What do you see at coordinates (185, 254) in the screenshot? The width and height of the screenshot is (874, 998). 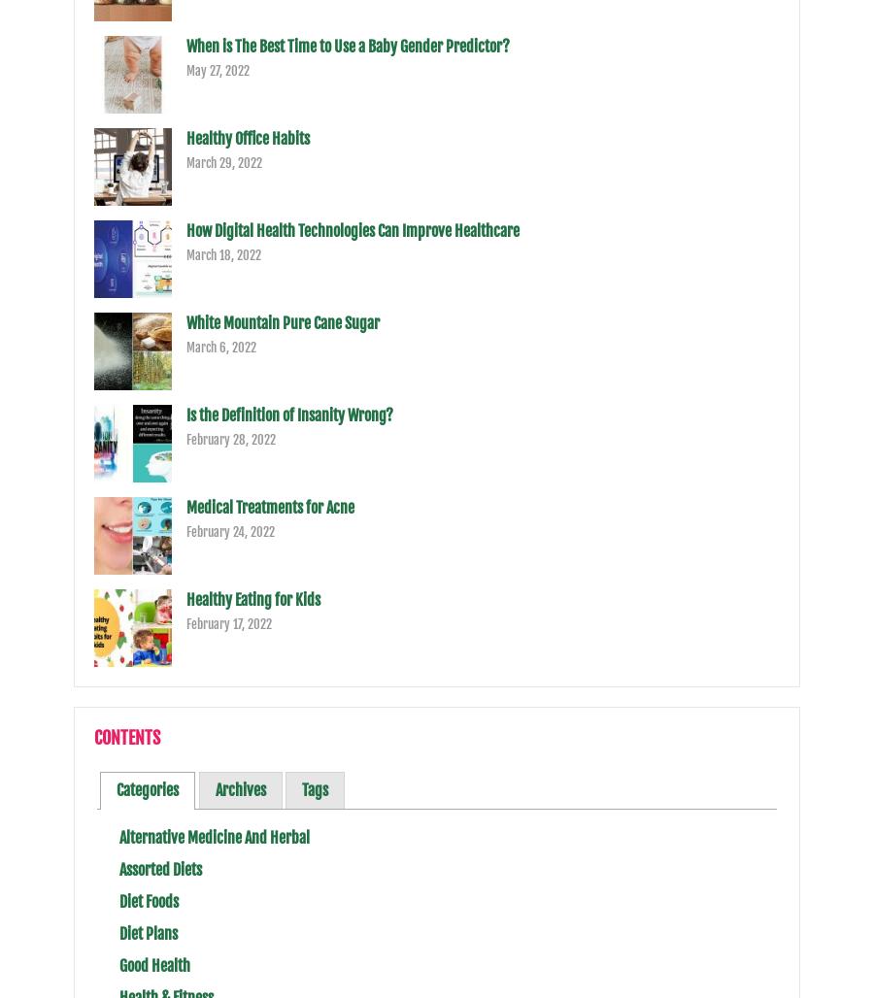 I see `'March 18, 2022'` at bounding box center [185, 254].